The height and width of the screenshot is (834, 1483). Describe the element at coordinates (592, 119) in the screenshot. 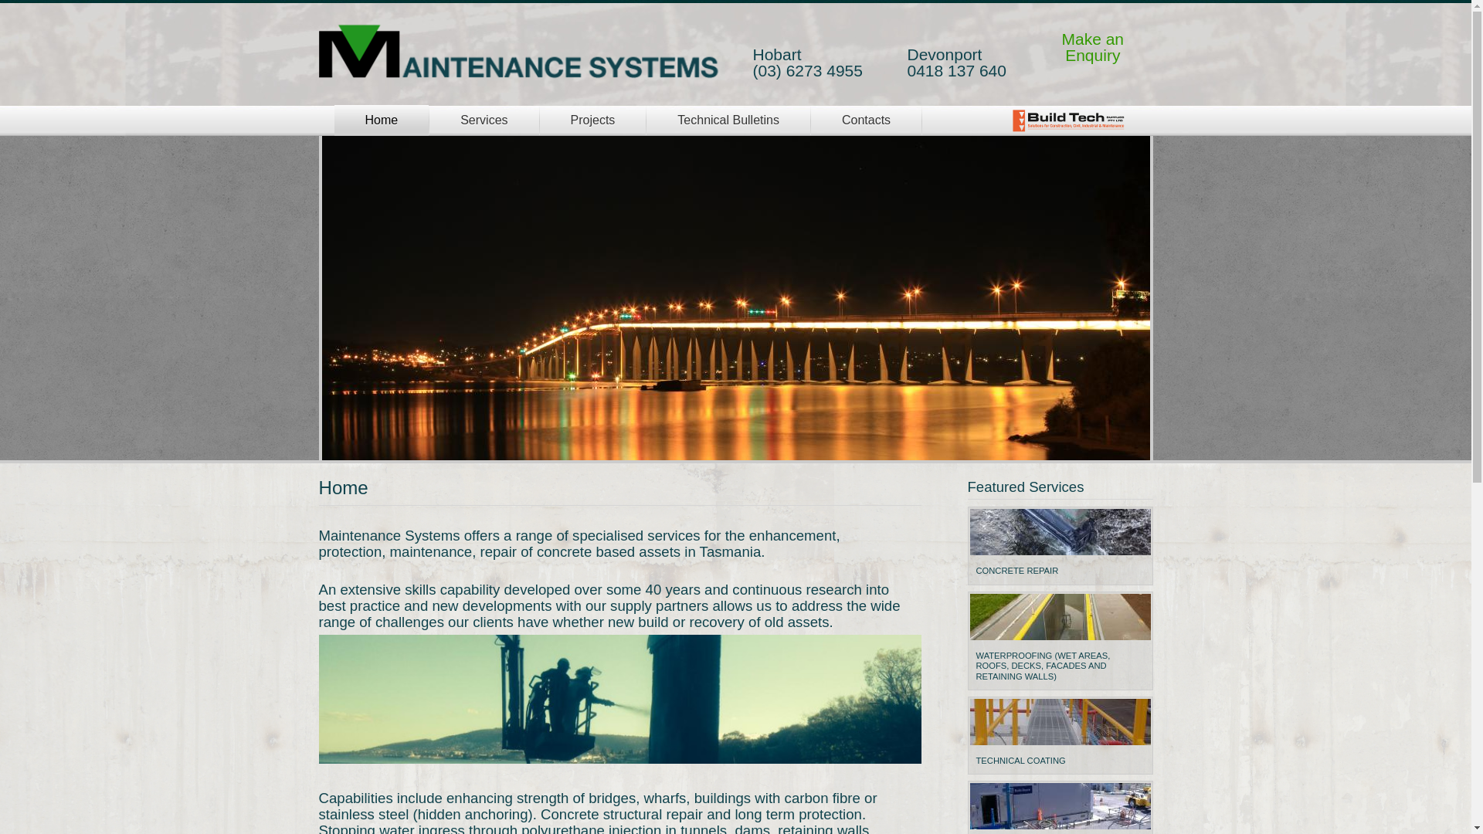

I see `'Projects'` at that location.